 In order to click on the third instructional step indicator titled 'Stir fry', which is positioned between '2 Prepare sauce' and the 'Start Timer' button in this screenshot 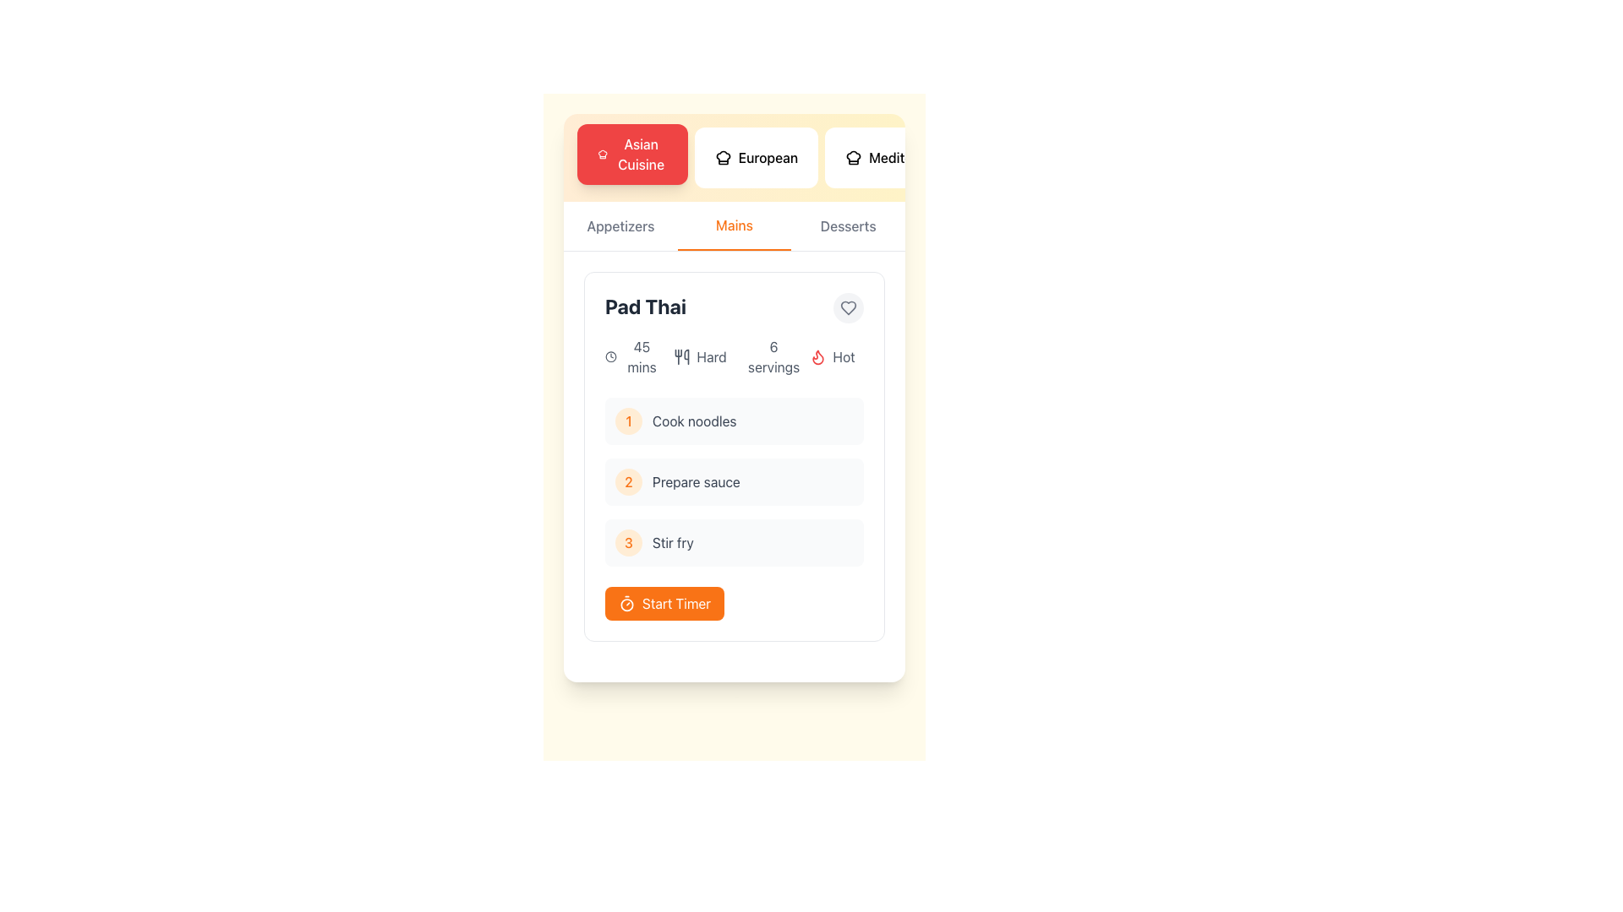, I will do `click(734, 543)`.